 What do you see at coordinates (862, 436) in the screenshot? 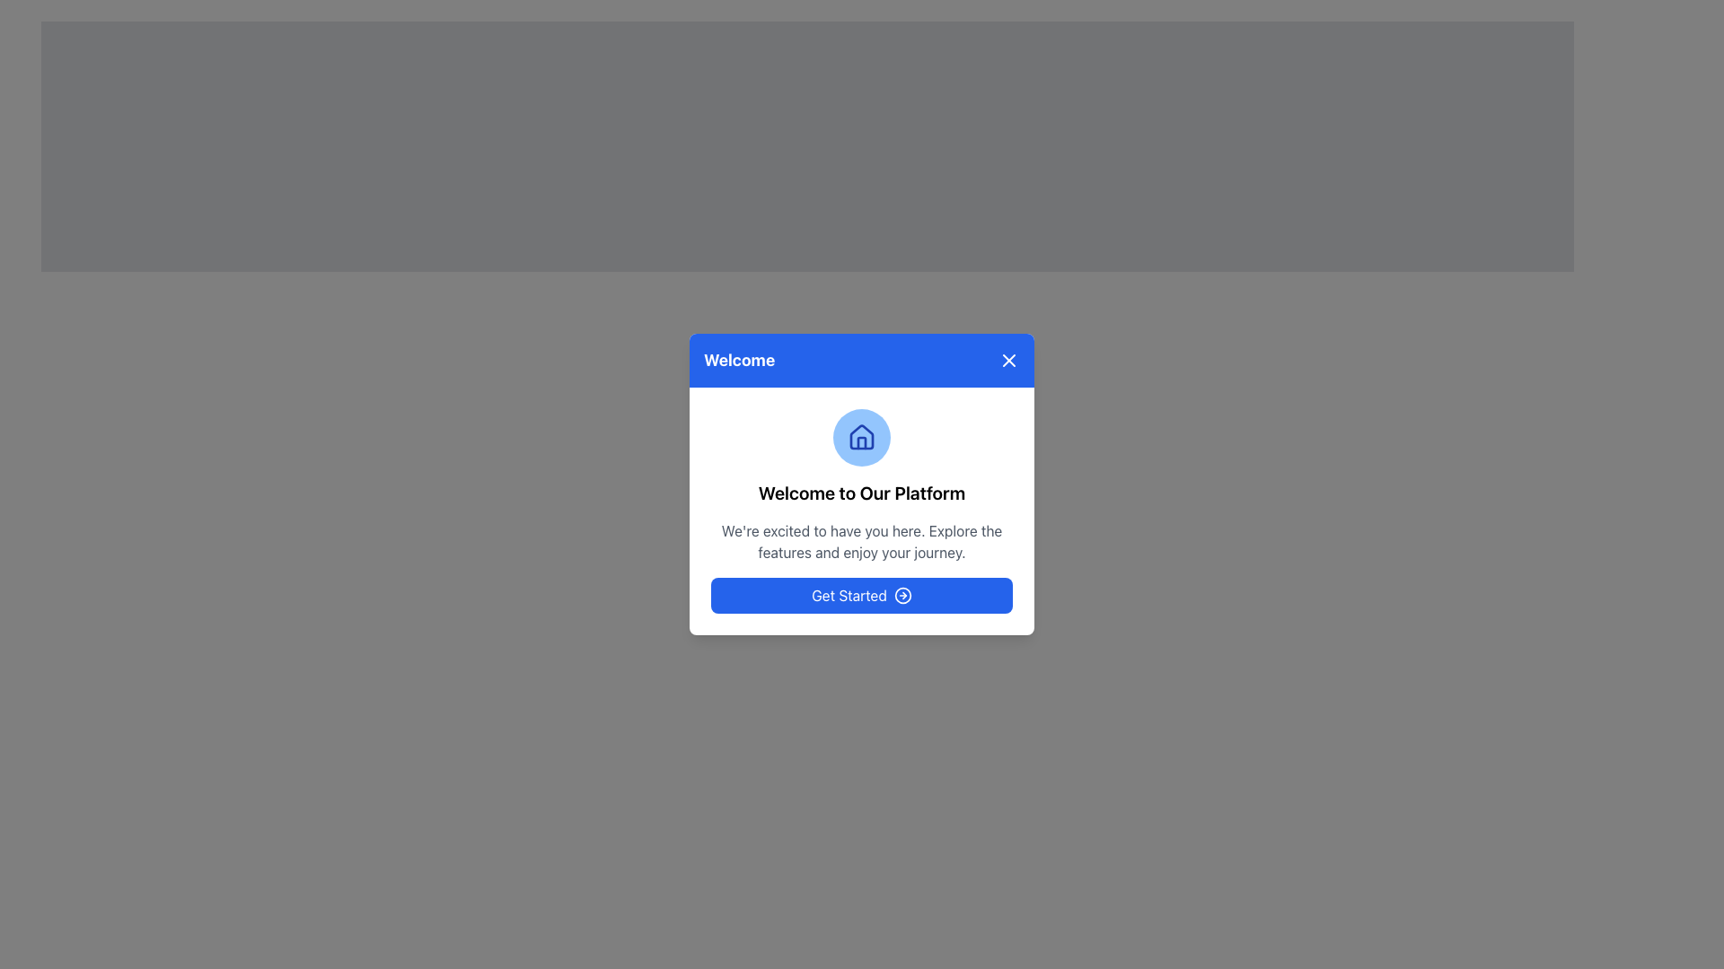
I see `the decorative 'home' SVG icon located centrally within the welcome dialog box, positioned below the title 'Welcome'` at bounding box center [862, 436].